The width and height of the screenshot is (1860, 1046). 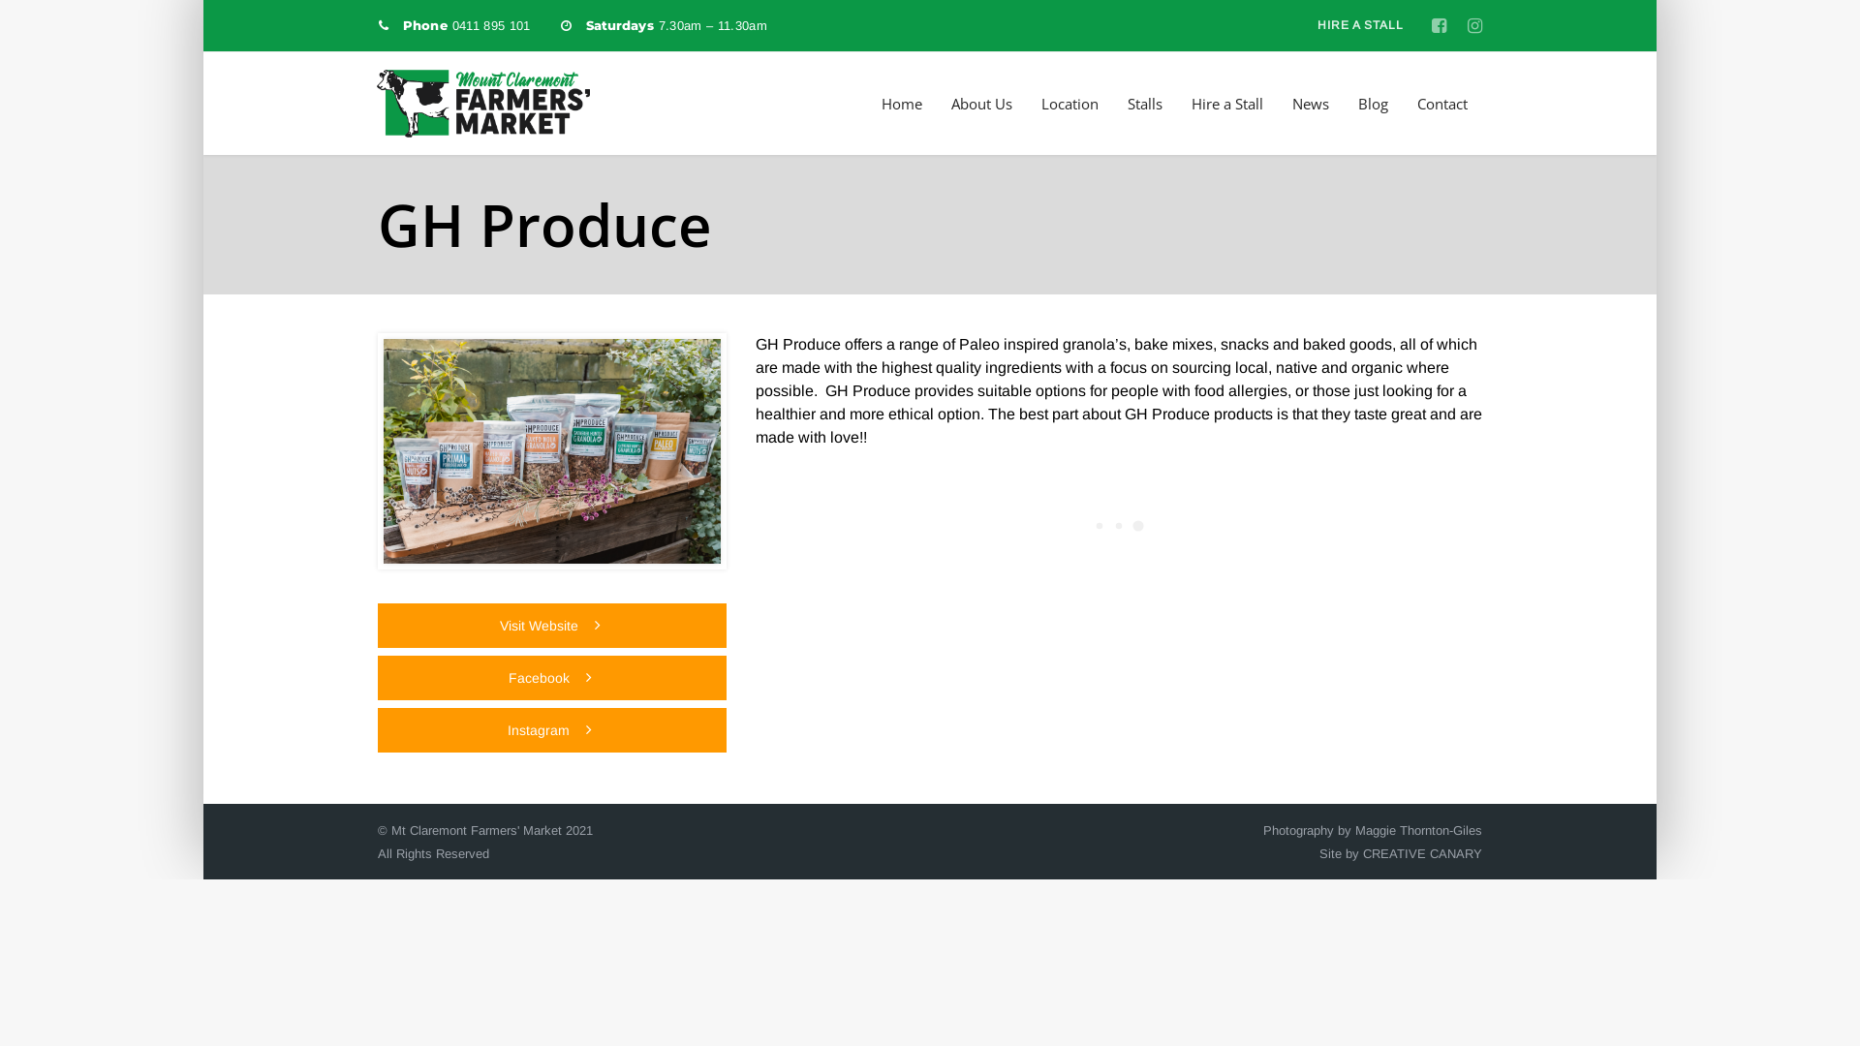 I want to click on 'Blog', so click(x=1372, y=104).